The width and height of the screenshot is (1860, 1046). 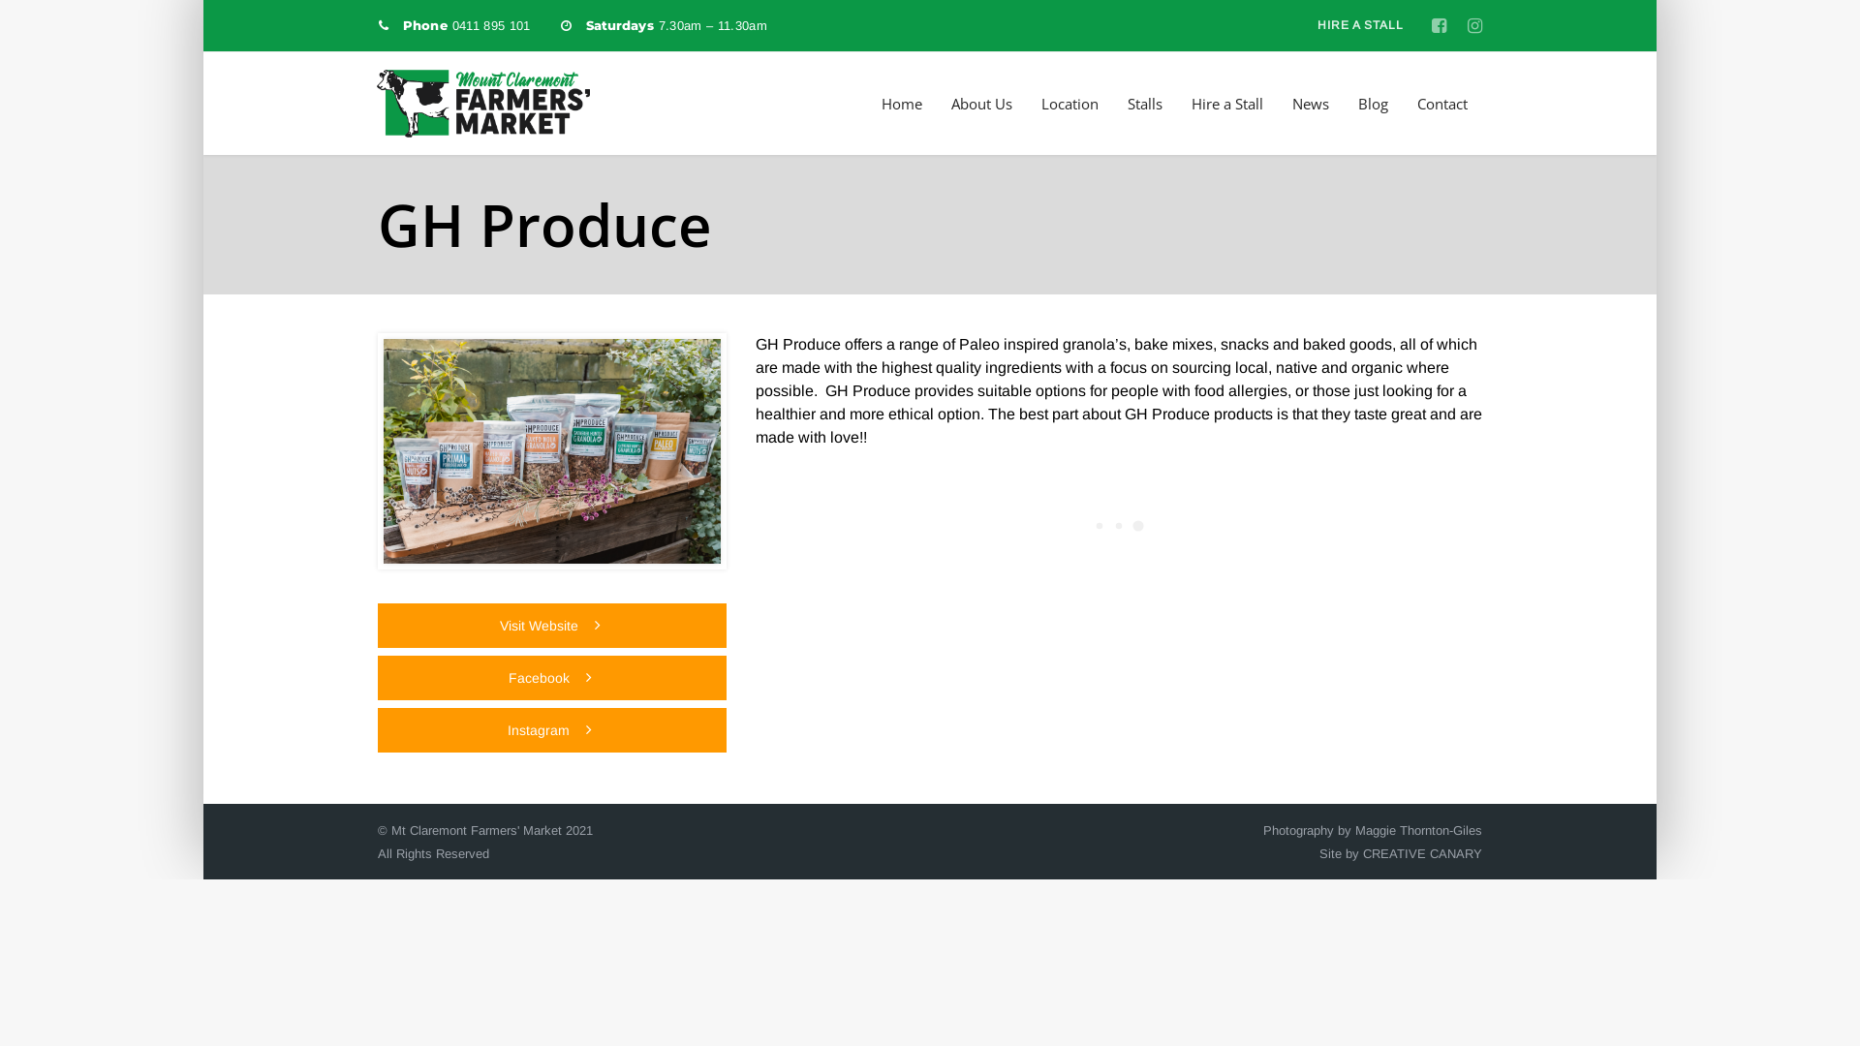 I want to click on 'Blog', so click(x=1372, y=104).